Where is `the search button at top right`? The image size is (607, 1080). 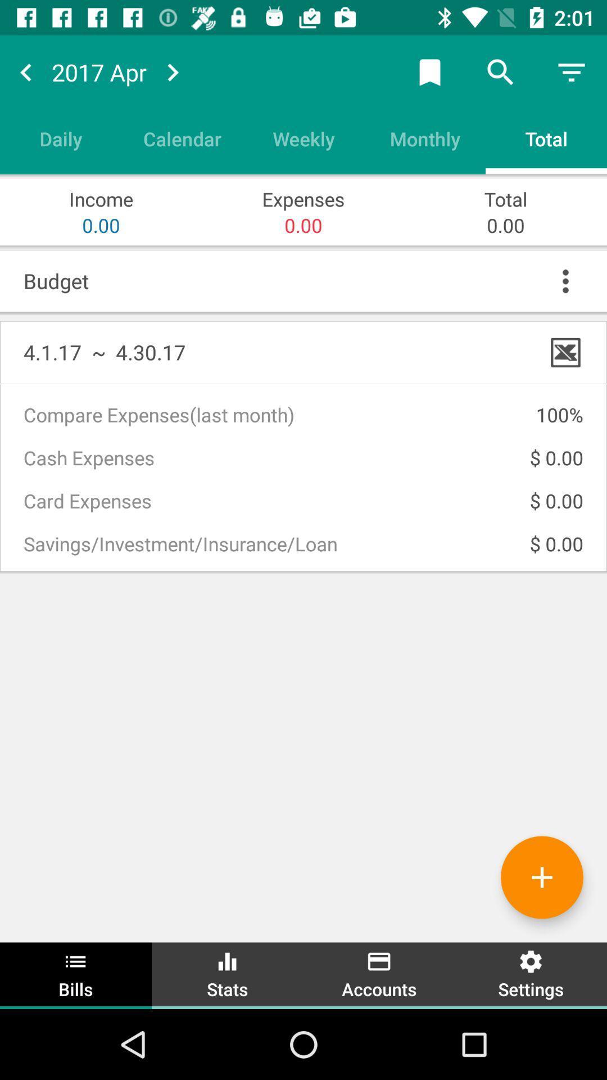
the search button at top right is located at coordinates (500, 71).